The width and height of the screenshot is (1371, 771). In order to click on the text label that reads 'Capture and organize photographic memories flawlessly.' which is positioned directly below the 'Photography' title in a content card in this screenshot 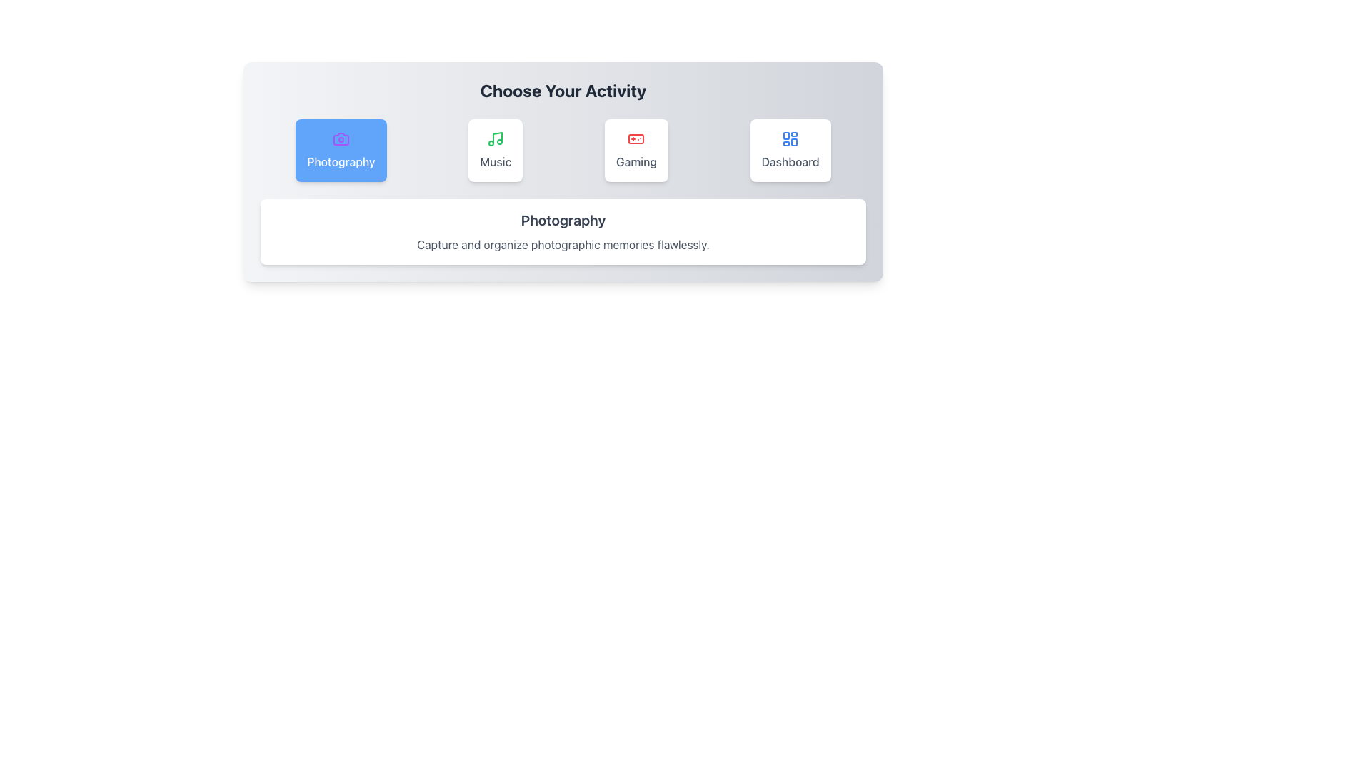, I will do `click(562, 244)`.